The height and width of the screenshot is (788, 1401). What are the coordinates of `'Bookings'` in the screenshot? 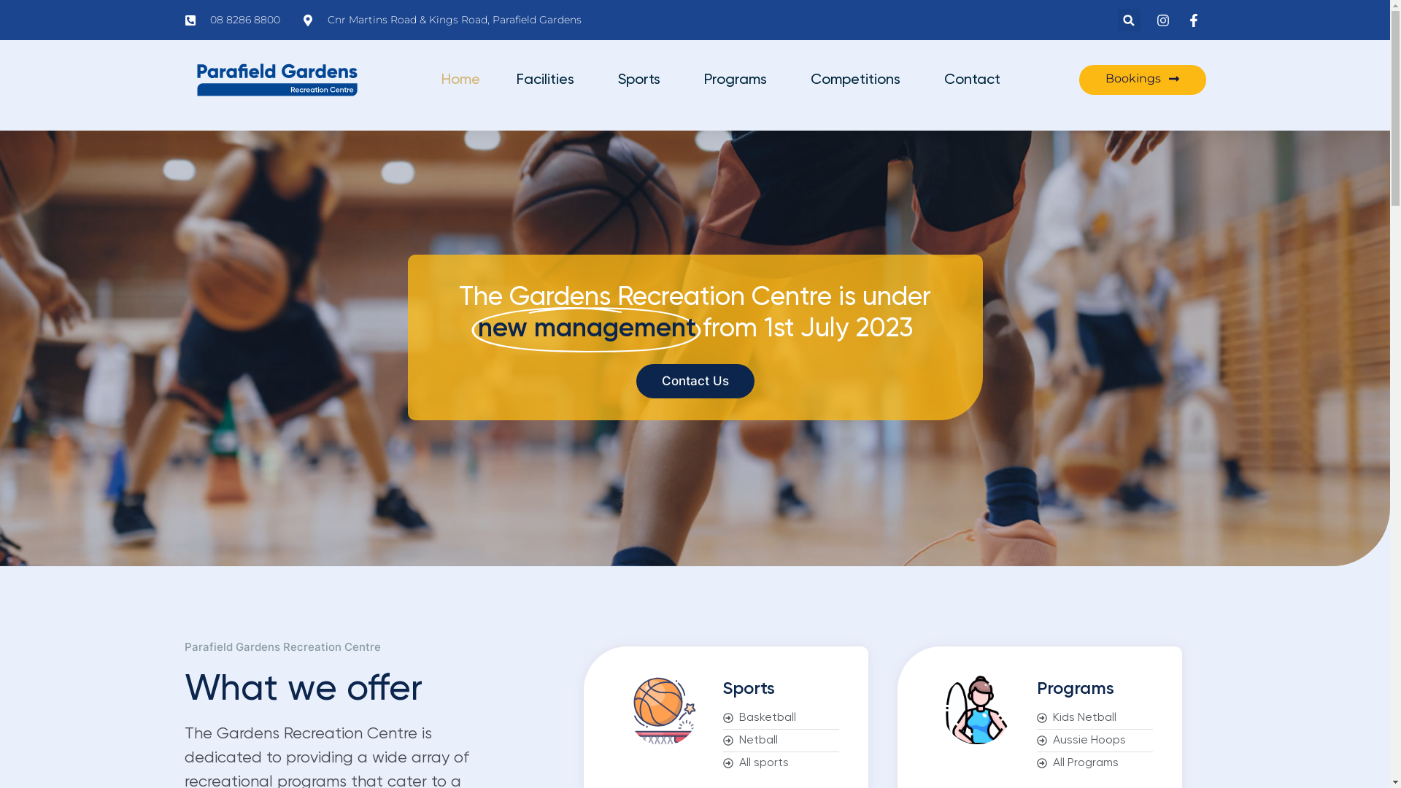 It's located at (1141, 80).